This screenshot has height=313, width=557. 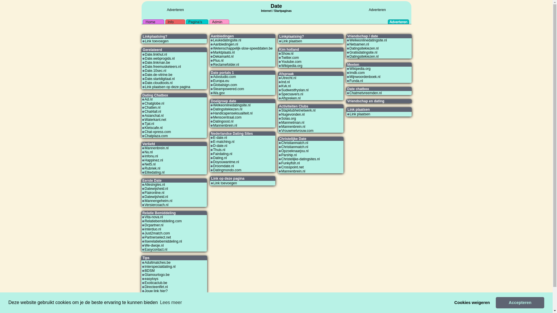 What do you see at coordinates (167, 87) in the screenshot?
I see `'Link plaatsen op deze pagina'` at bounding box center [167, 87].